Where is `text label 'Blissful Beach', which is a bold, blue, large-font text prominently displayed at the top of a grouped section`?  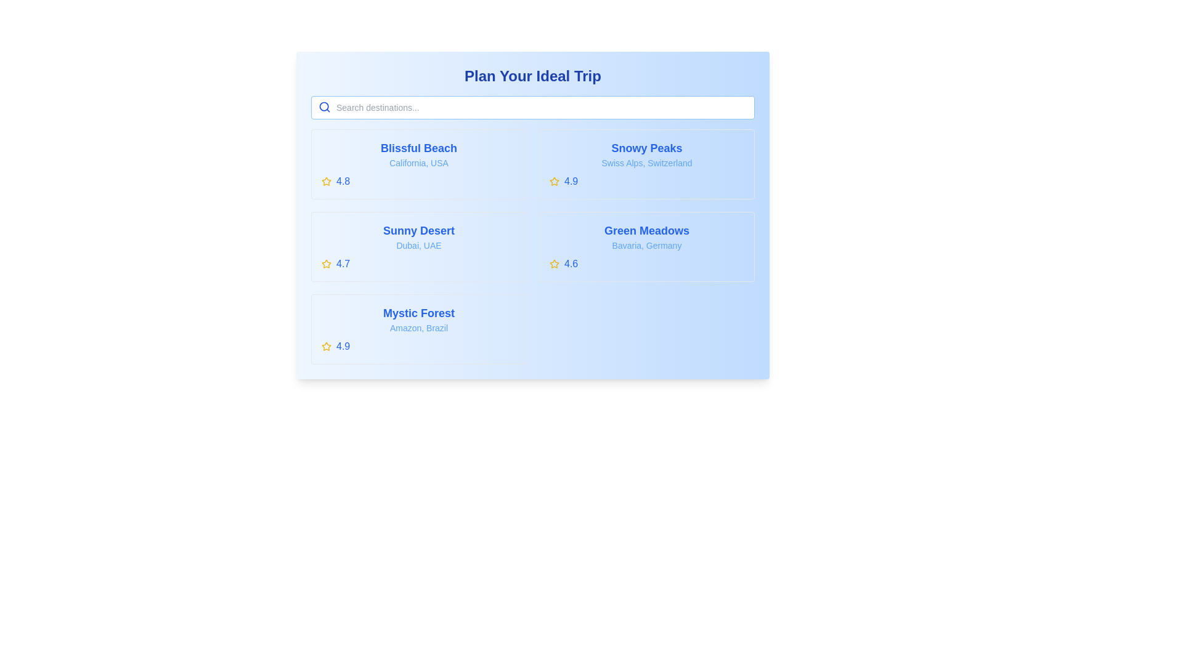 text label 'Blissful Beach', which is a bold, blue, large-font text prominently displayed at the top of a grouped section is located at coordinates (419, 147).